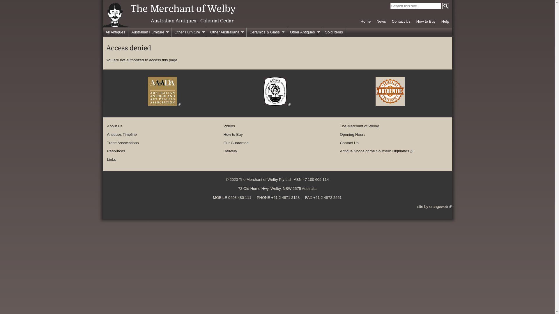 Image resolution: width=559 pixels, height=314 pixels. I want to click on 'Our Guarantee', so click(236, 143).